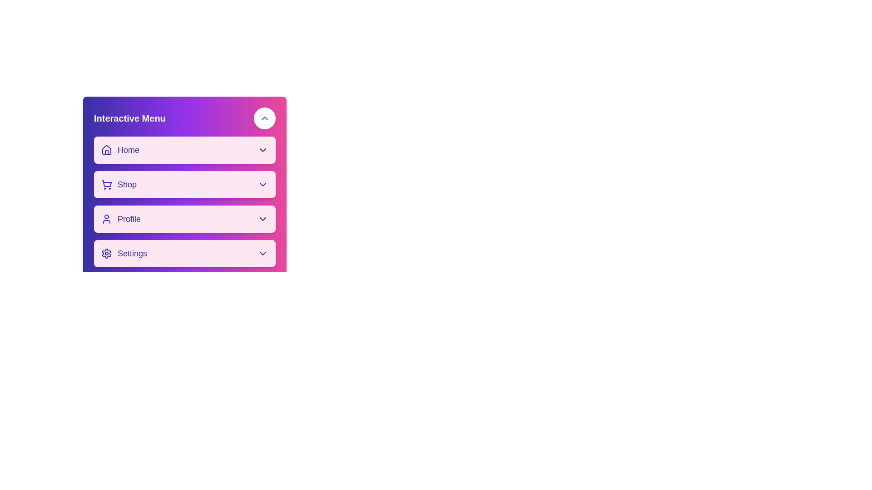 The height and width of the screenshot is (490, 872). I want to click on the 'Shop' menu button located as the second item in the 'Interactive Menu', positioned below 'Home' and above 'Profile', so click(184, 184).